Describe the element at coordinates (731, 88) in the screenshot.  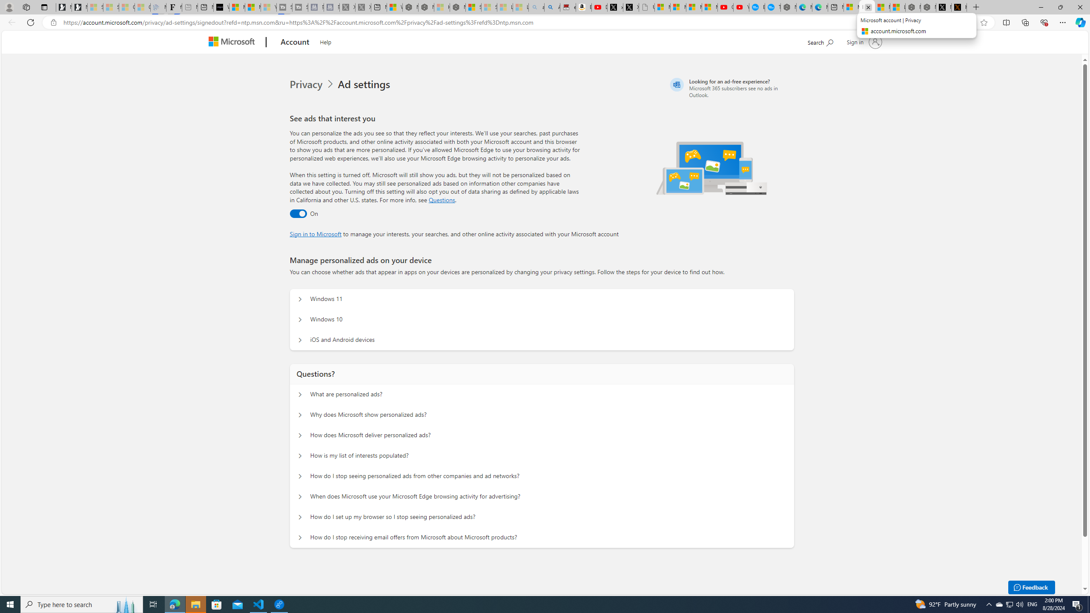
I see `'Looking for an ad-free experience?'` at that location.